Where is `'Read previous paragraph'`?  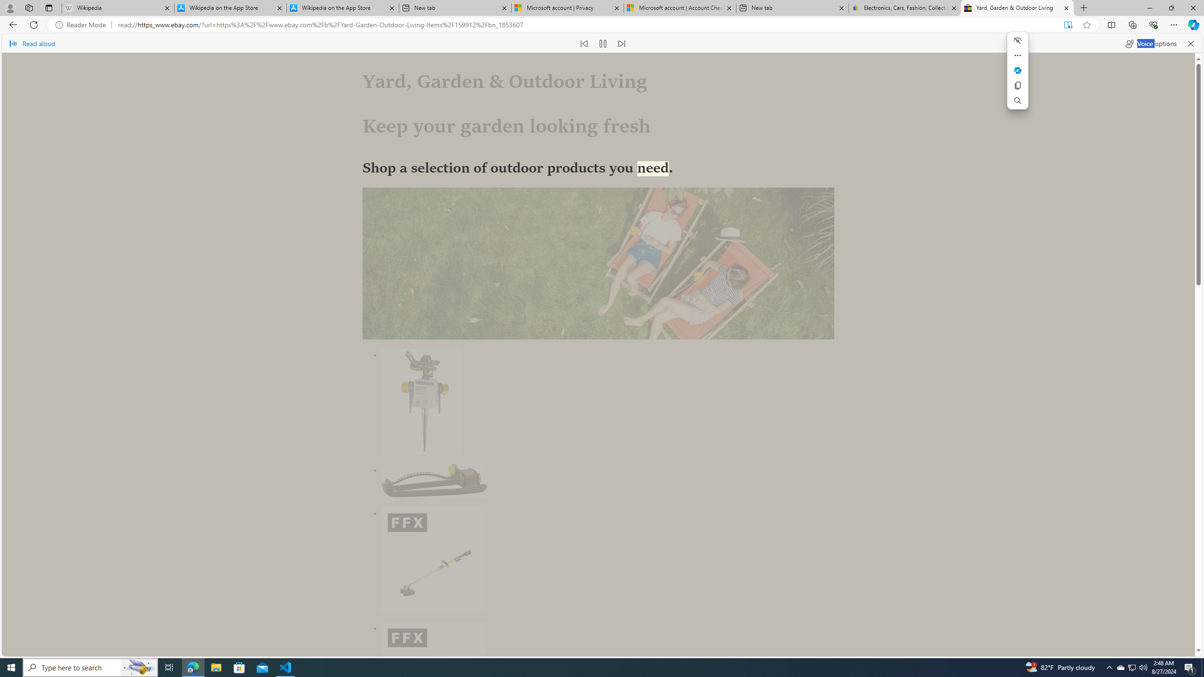
'Read previous paragraph' is located at coordinates (583, 43).